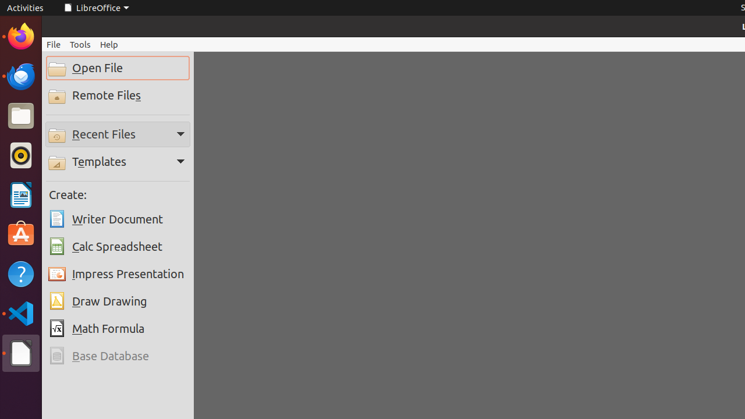 Image resolution: width=745 pixels, height=419 pixels. Describe the element at coordinates (79, 44) in the screenshot. I see `'Tools'` at that location.